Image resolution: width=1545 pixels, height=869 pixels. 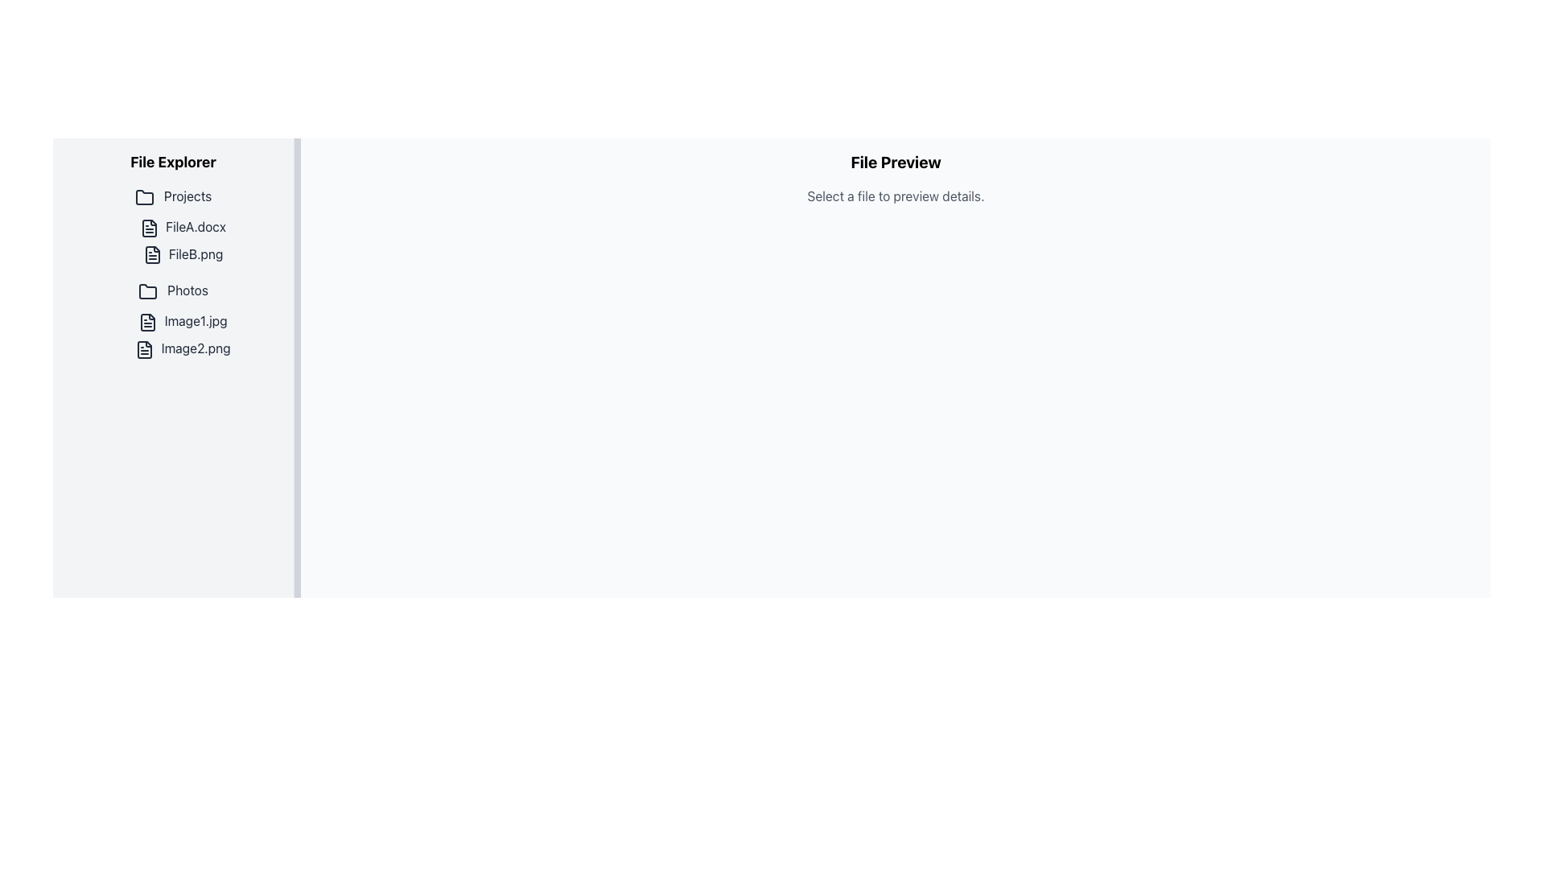 What do you see at coordinates (148, 292) in the screenshot?
I see `the 'Photos' folder icon in the left sidebar of the file explorer, which represents the directory for images` at bounding box center [148, 292].